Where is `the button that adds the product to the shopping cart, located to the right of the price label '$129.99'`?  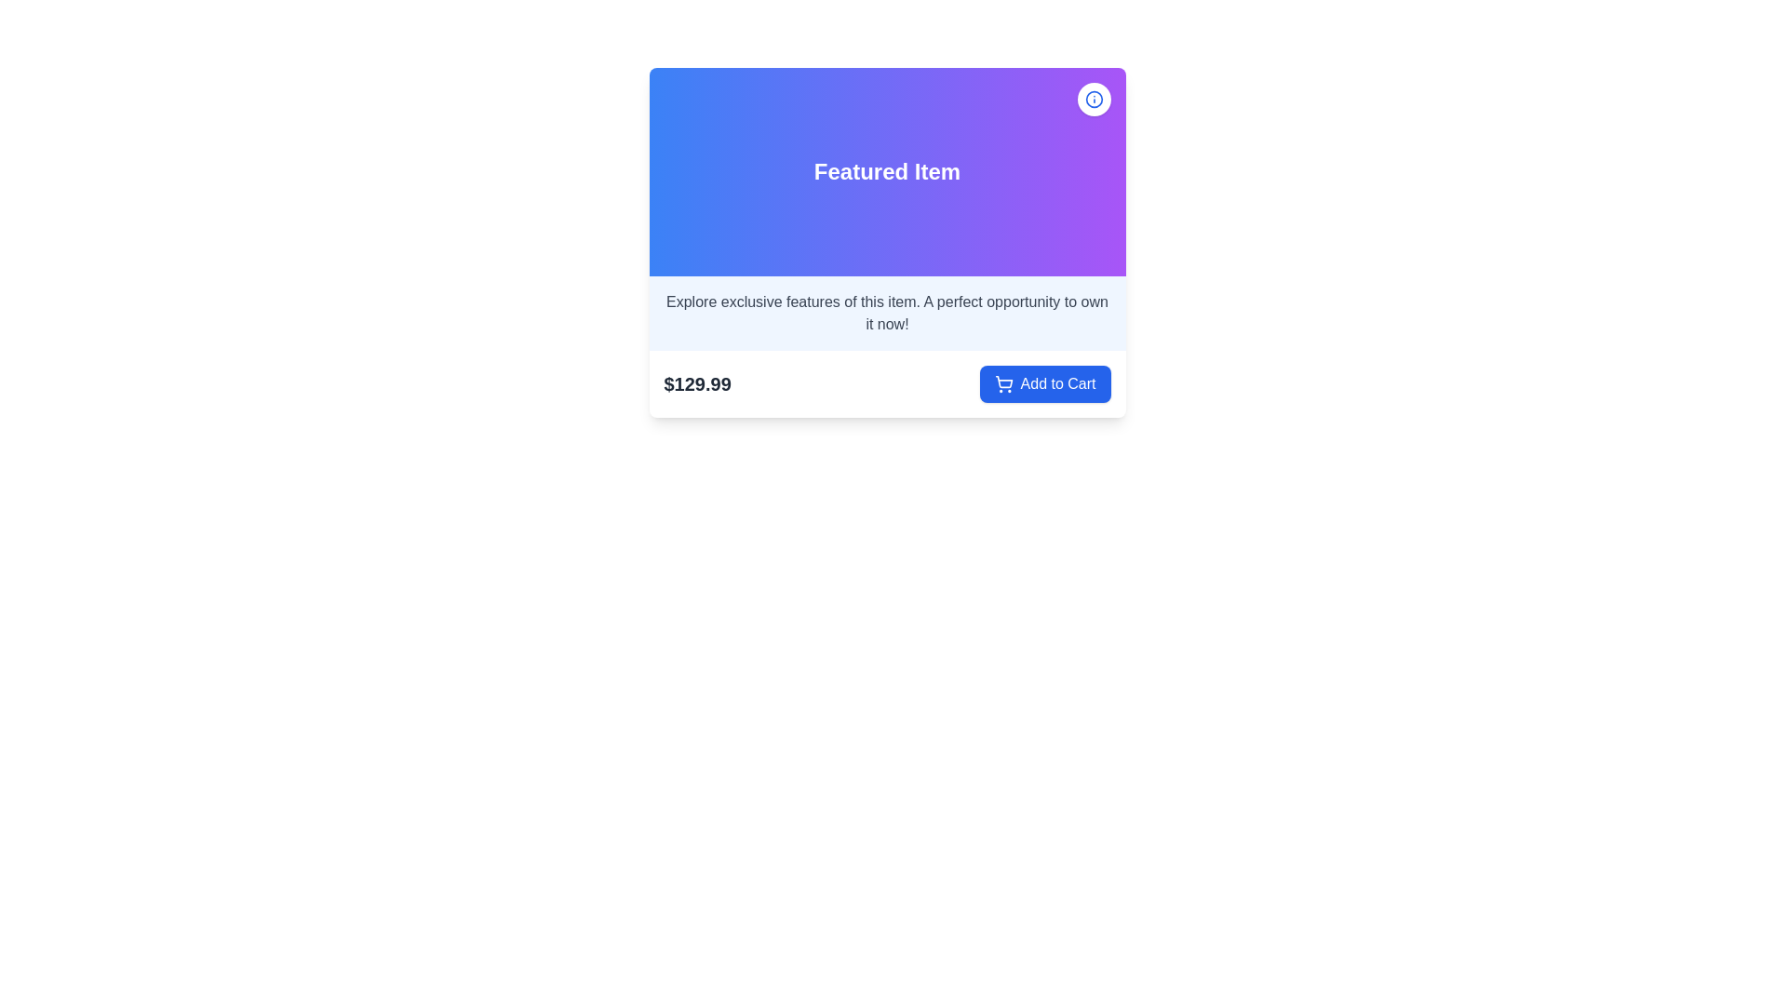 the button that adds the product to the shopping cart, located to the right of the price label '$129.99' is located at coordinates (1045, 382).